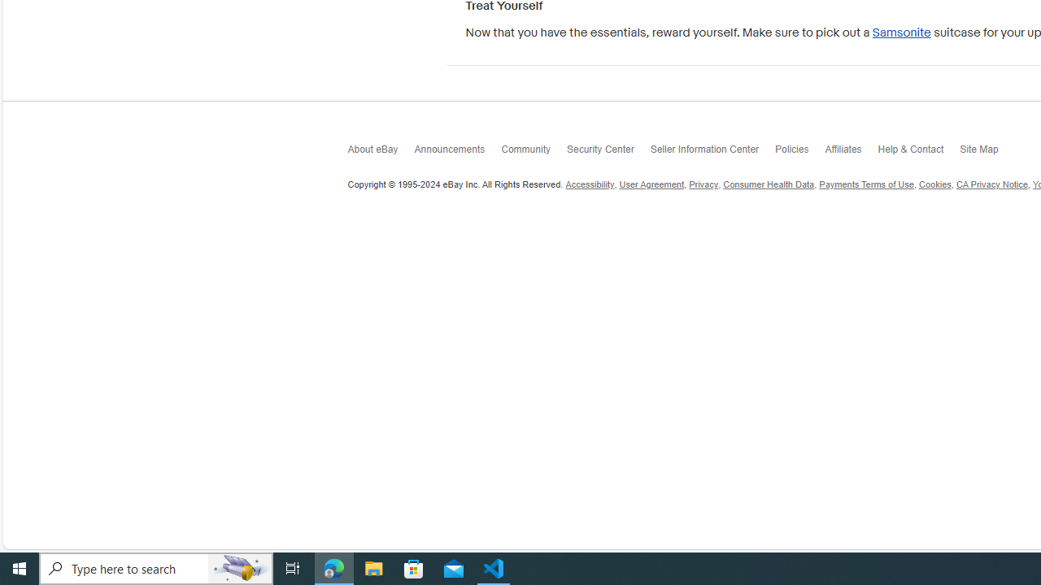  I want to click on 'CA Privacy Notice', so click(991, 184).